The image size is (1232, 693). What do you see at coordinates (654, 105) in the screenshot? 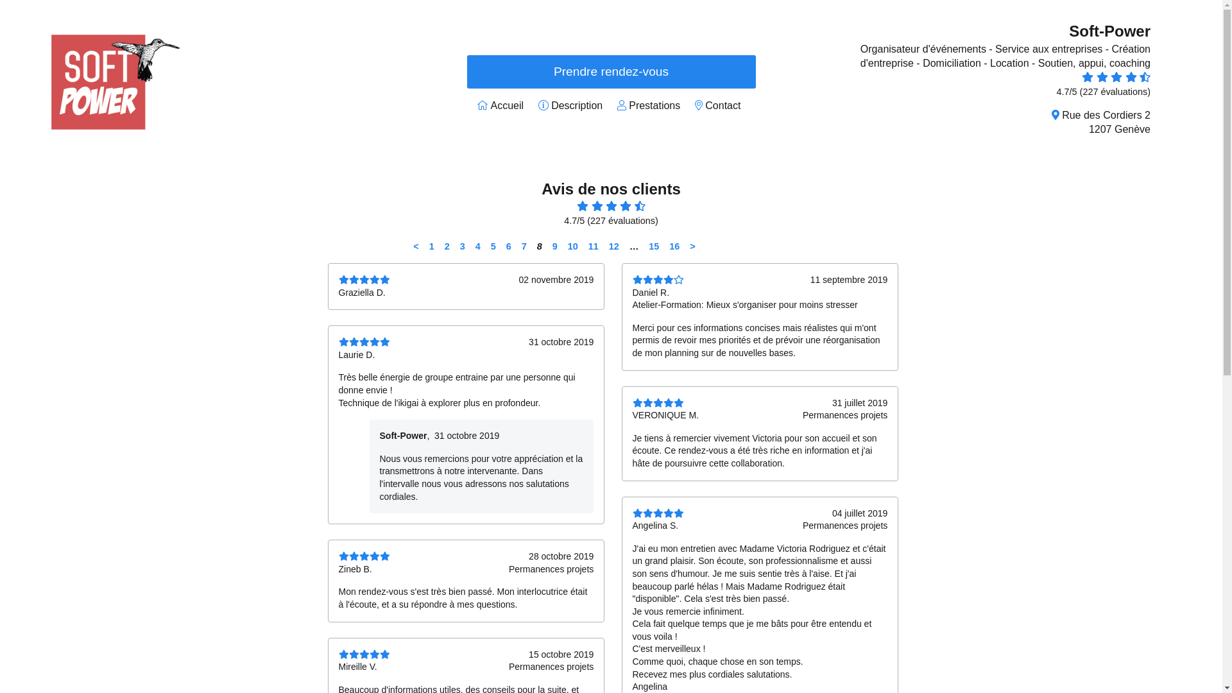
I see `'Prestations'` at bounding box center [654, 105].